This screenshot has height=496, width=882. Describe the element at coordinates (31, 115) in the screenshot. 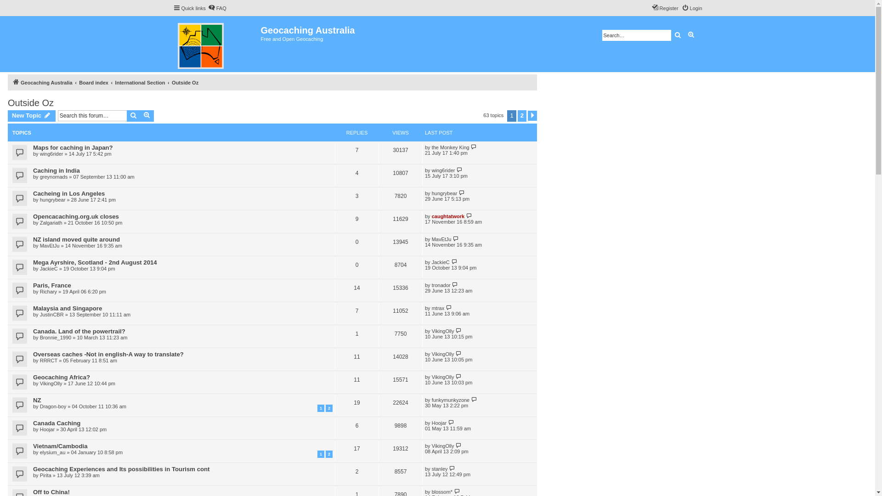

I see `'New Topic'` at that location.